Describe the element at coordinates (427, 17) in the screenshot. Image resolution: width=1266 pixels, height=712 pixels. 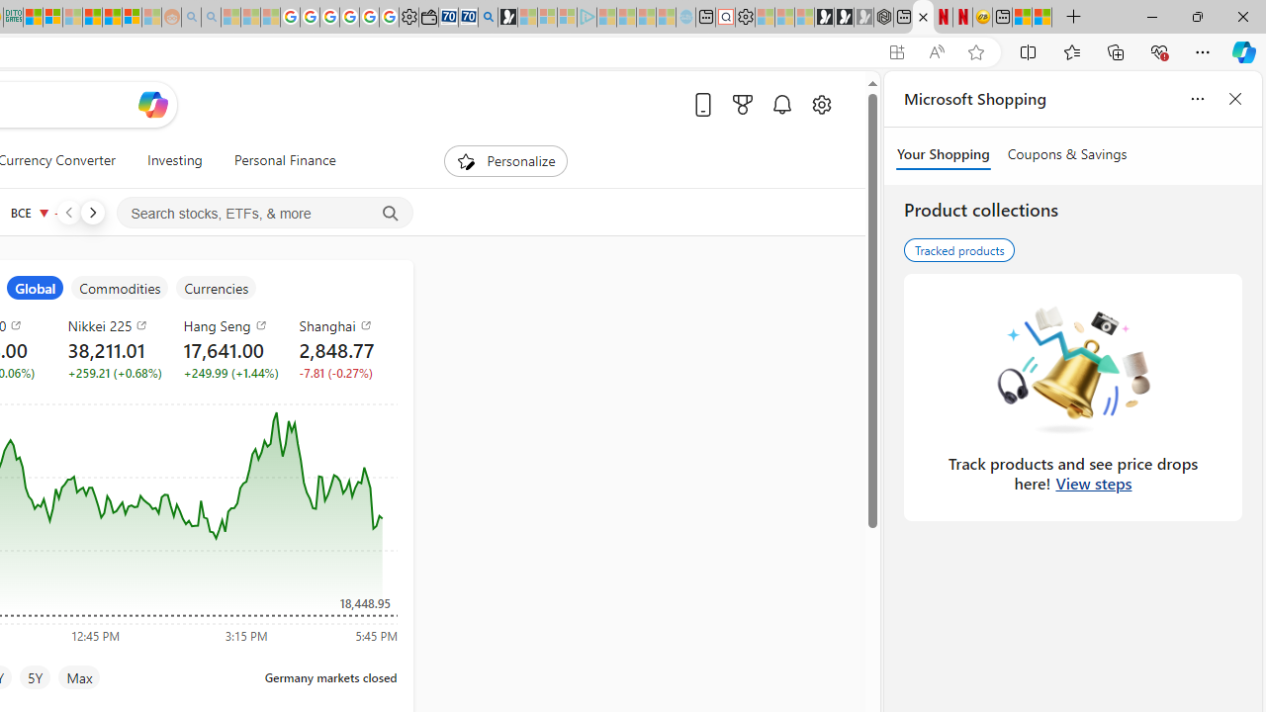
I see `'Wallet'` at that location.